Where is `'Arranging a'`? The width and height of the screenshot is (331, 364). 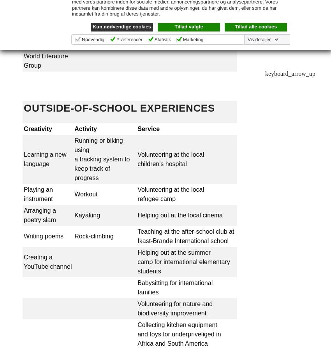
'Arranging a' is located at coordinates (39, 210).